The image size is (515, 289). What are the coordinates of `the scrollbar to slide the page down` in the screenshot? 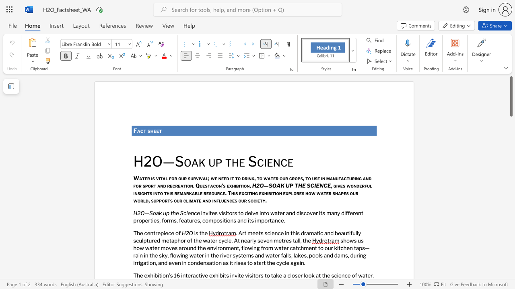 It's located at (511, 197).